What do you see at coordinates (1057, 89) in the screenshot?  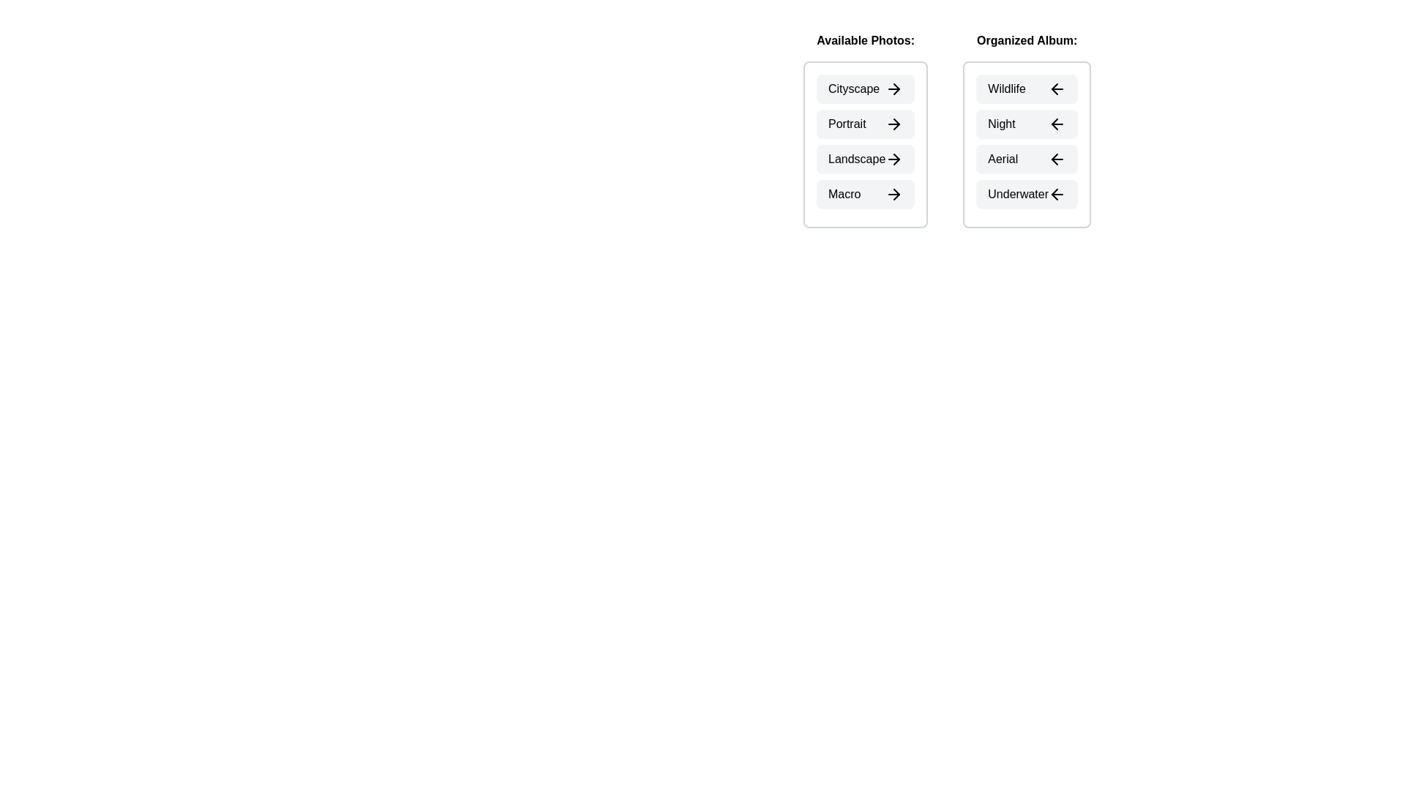 I see `left arrow icon next to the photo Wildlife in the Organized Album section to transfer it to the Available Photos section` at bounding box center [1057, 89].